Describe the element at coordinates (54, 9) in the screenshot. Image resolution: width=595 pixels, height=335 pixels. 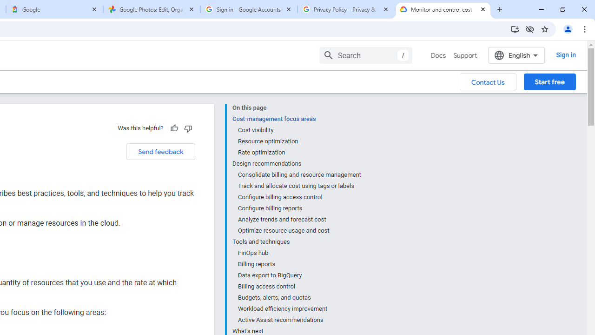
I see `'Google'` at that location.